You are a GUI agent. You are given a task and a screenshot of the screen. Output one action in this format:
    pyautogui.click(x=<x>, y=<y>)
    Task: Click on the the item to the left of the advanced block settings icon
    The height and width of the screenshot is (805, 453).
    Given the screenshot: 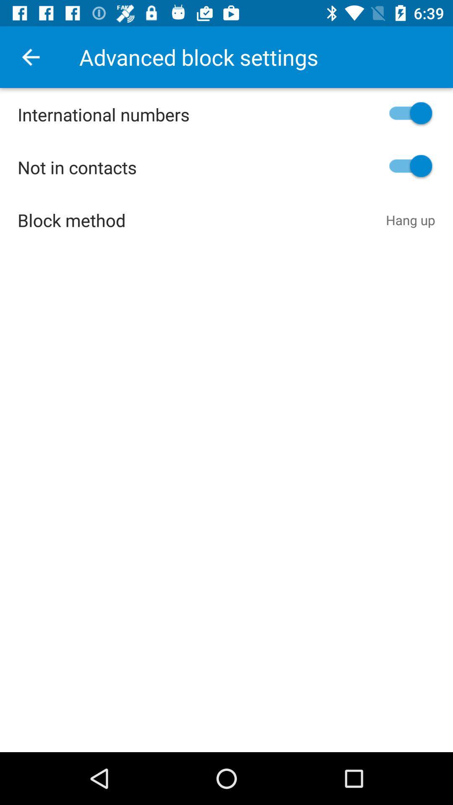 What is the action you would take?
    pyautogui.click(x=30, y=57)
    